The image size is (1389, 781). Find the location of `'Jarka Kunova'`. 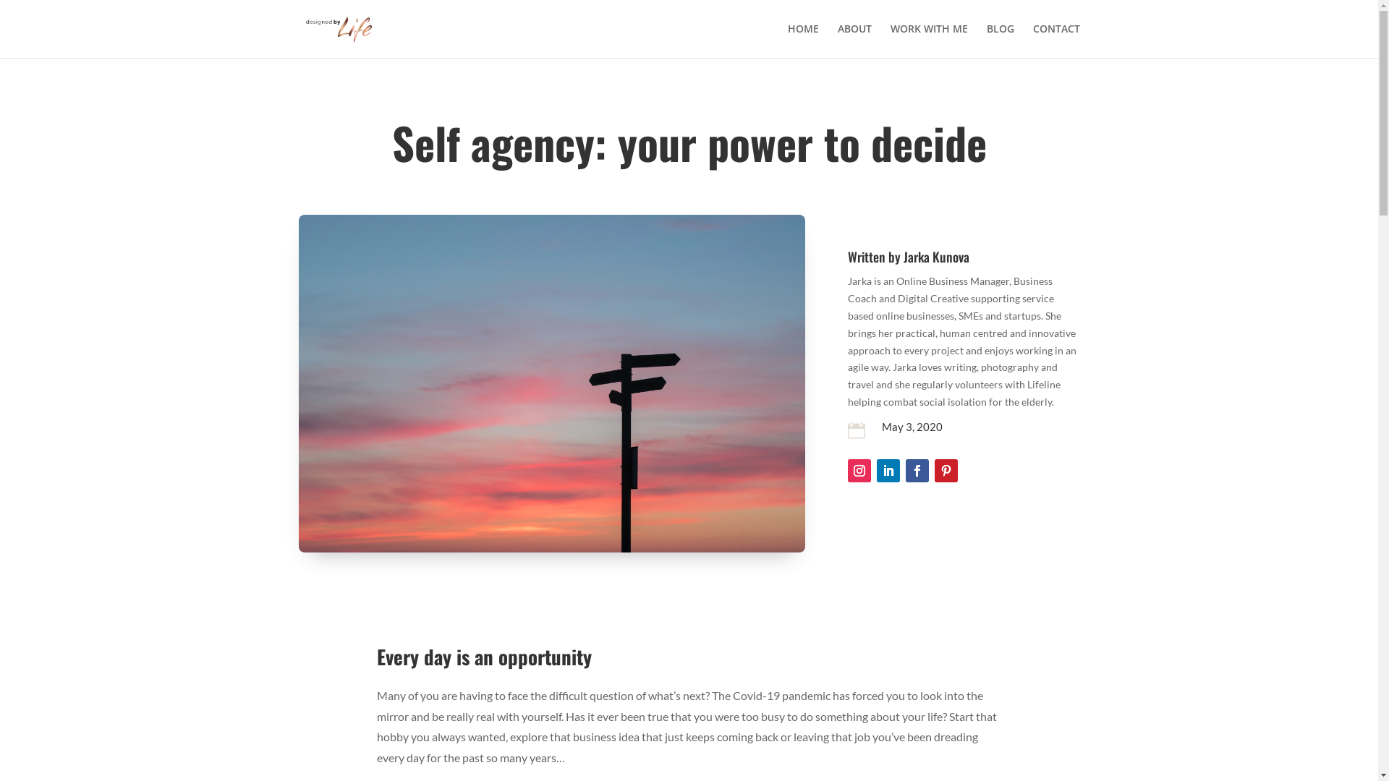

'Jarka Kunova' is located at coordinates (936, 255).